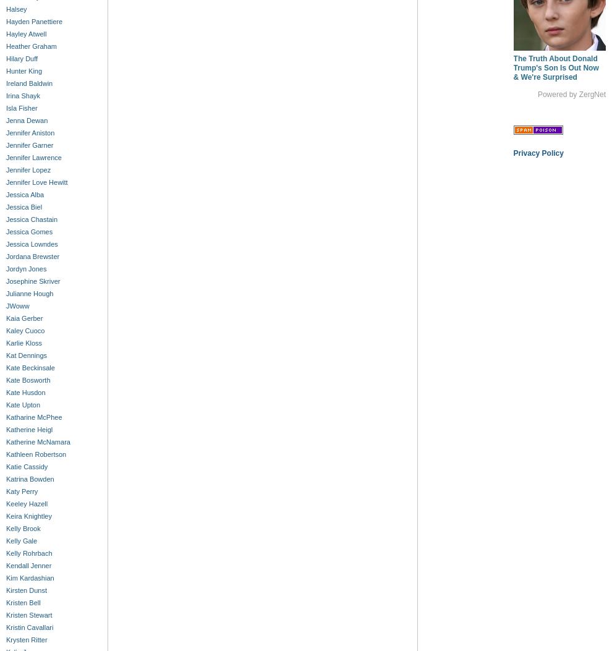 The height and width of the screenshot is (651, 612). Describe the element at coordinates (28, 83) in the screenshot. I see `'Ireland Baldwin'` at that location.